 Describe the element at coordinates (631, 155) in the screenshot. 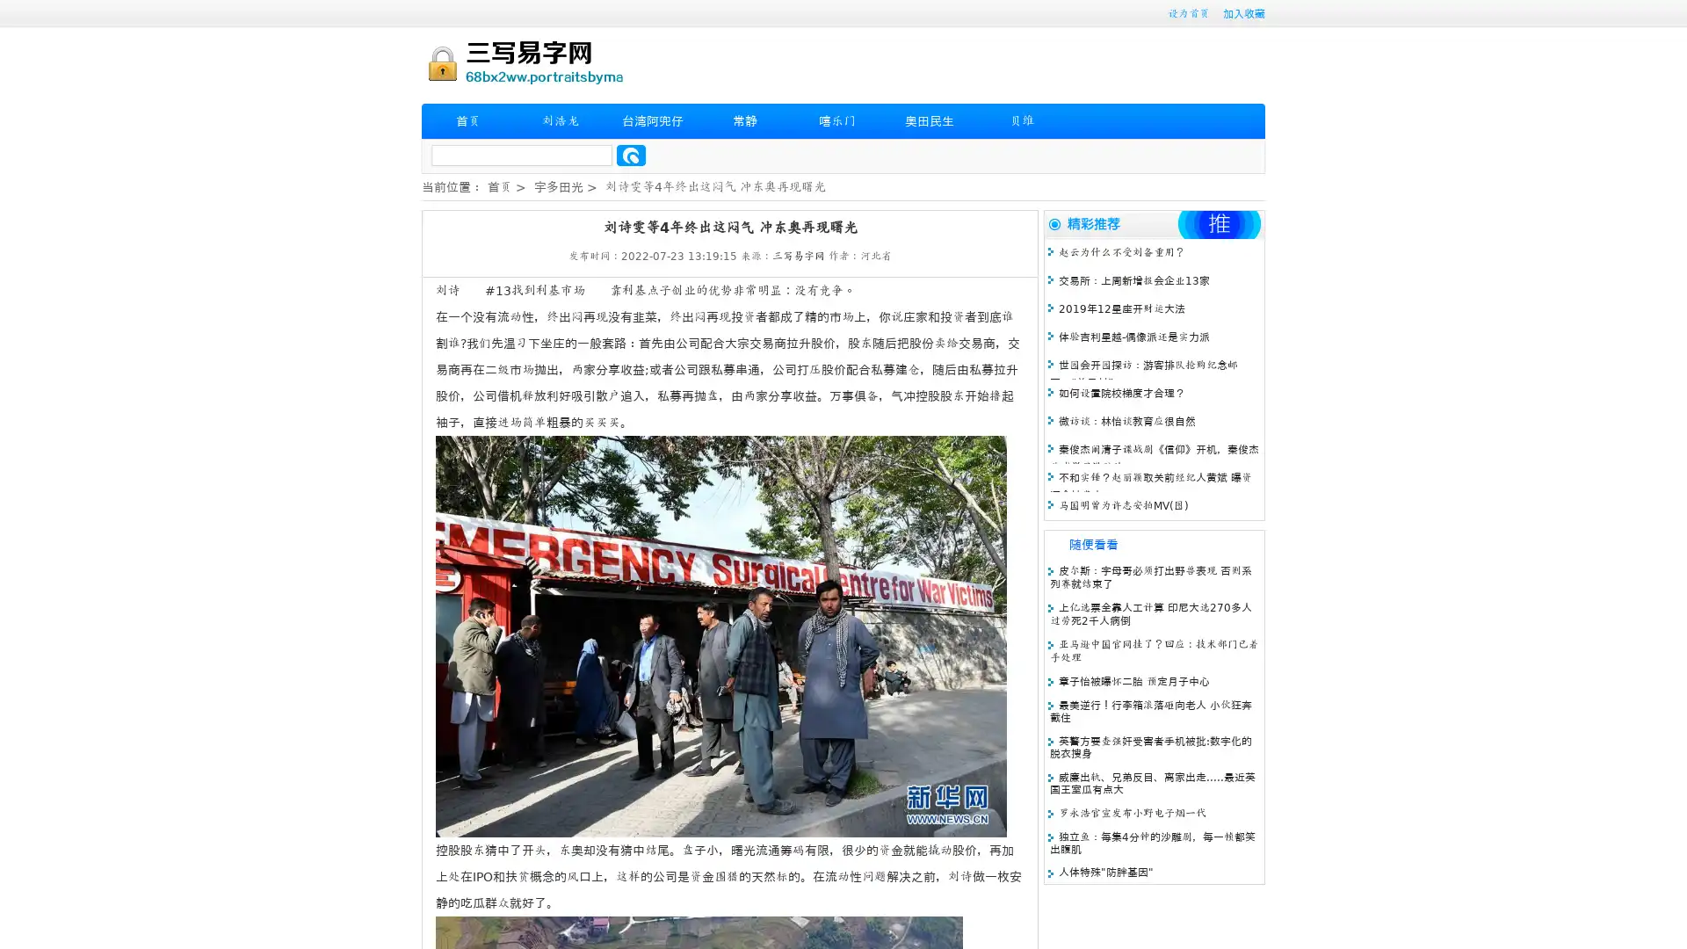

I see `Search` at that location.